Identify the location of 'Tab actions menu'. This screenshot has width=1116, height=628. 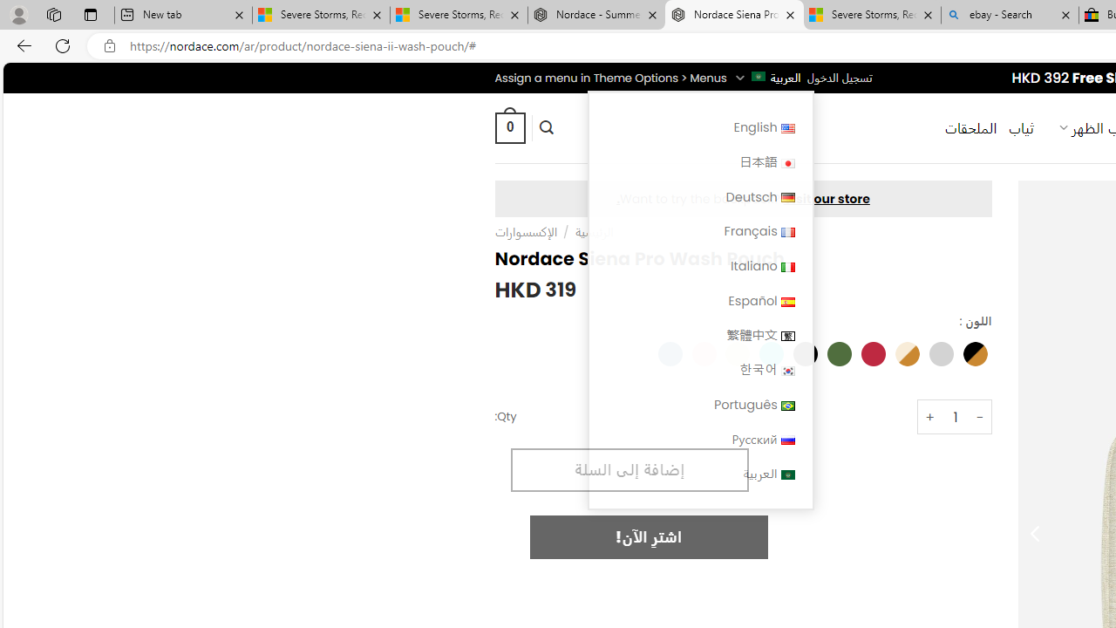
(90, 14).